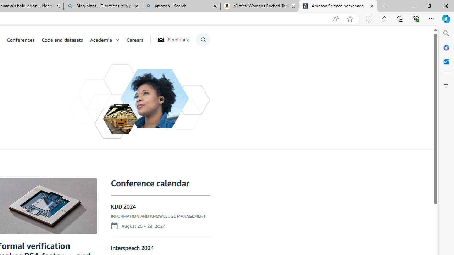 This screenshot has height=255, width=454. What do you see at coordinates (158, 216) in the screenshot?
I see `'INFORMATION AND KNOWLEDGE MANAGEMENT'` at bounding box center [158, 216].